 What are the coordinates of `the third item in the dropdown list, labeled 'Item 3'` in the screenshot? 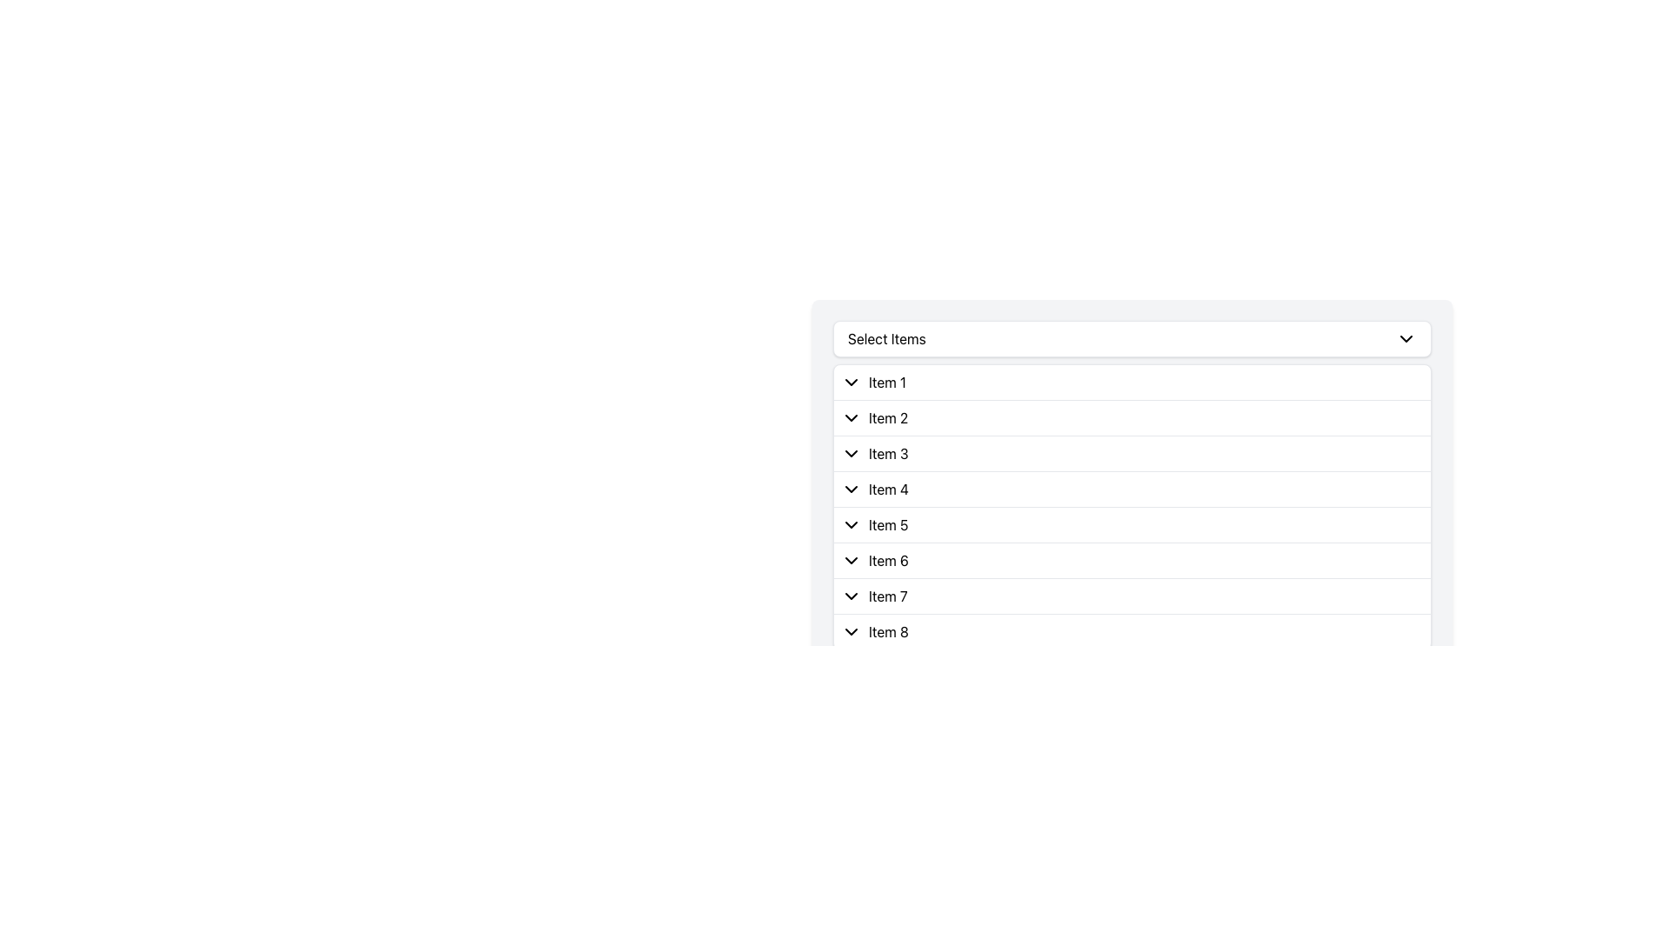 It's located at (1132, 451).